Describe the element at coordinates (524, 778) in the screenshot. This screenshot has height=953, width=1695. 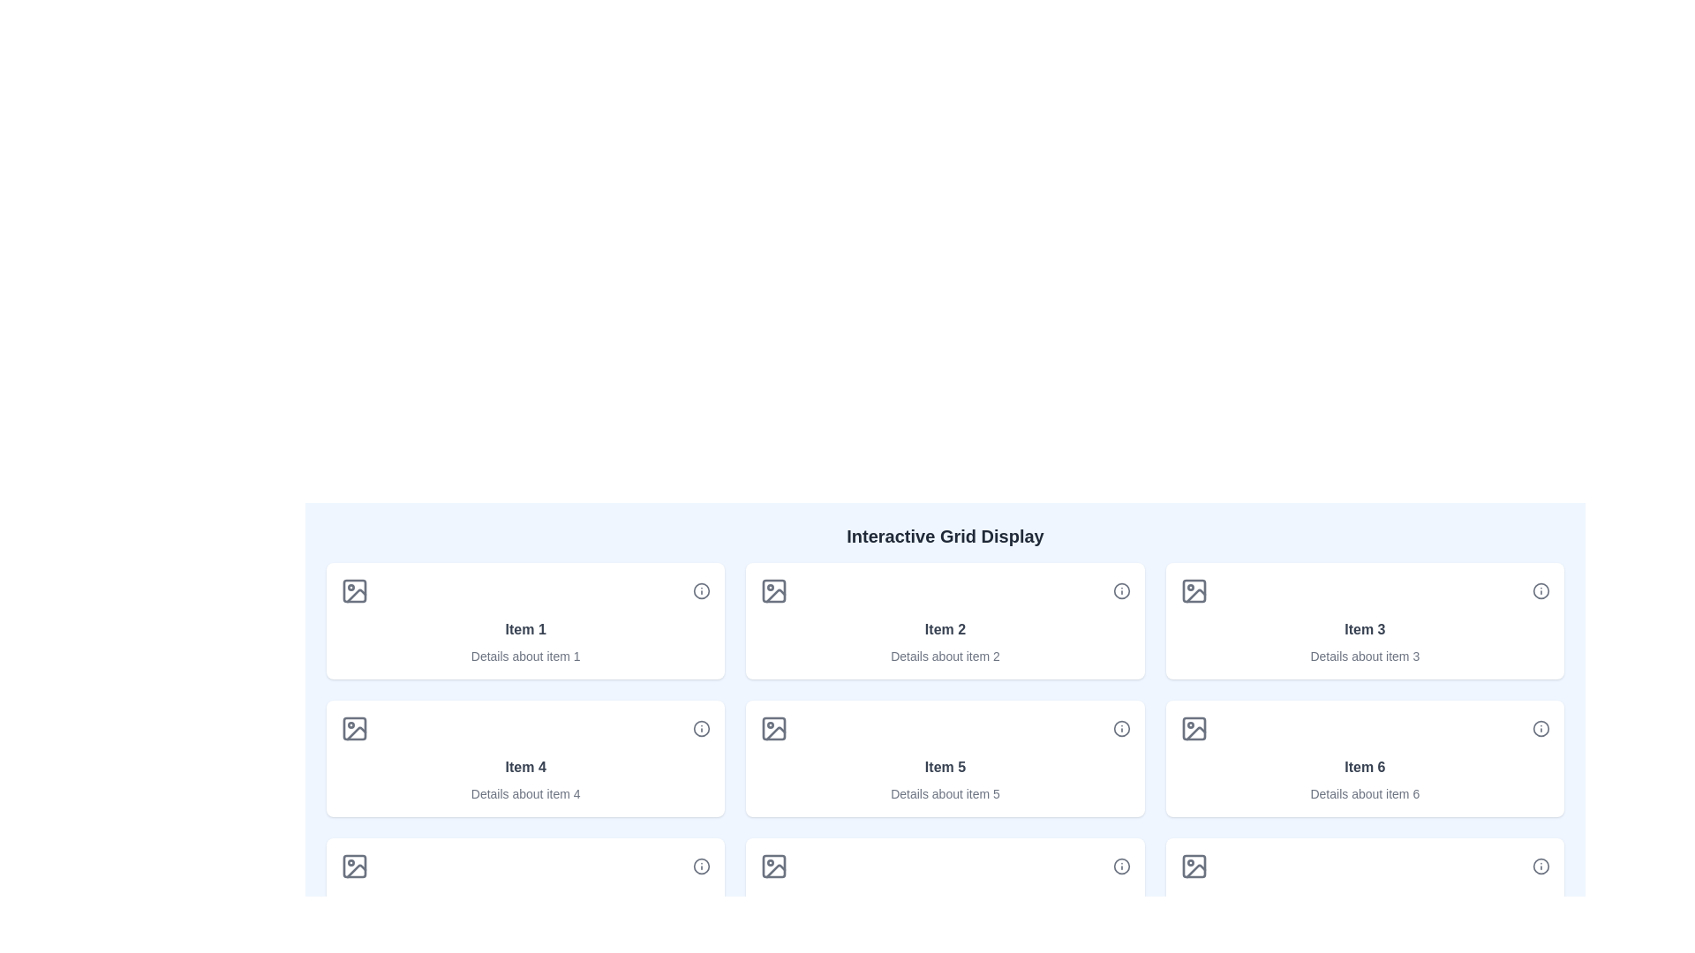
I see `displayed text from the Text display module located in the second row and first column of the grid layout` at that location.